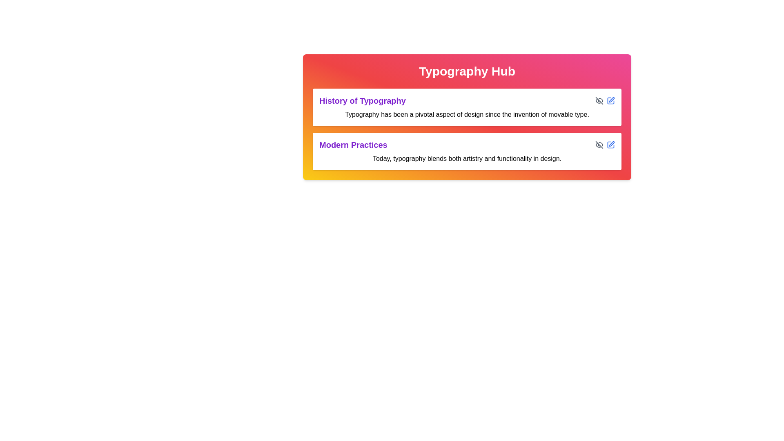  Describe the element at coordinates (611, 100) in the screenshot. I see `the blue pen icon button located to the right of the 'History of Typography' title in the Typography Hub section` at that location.